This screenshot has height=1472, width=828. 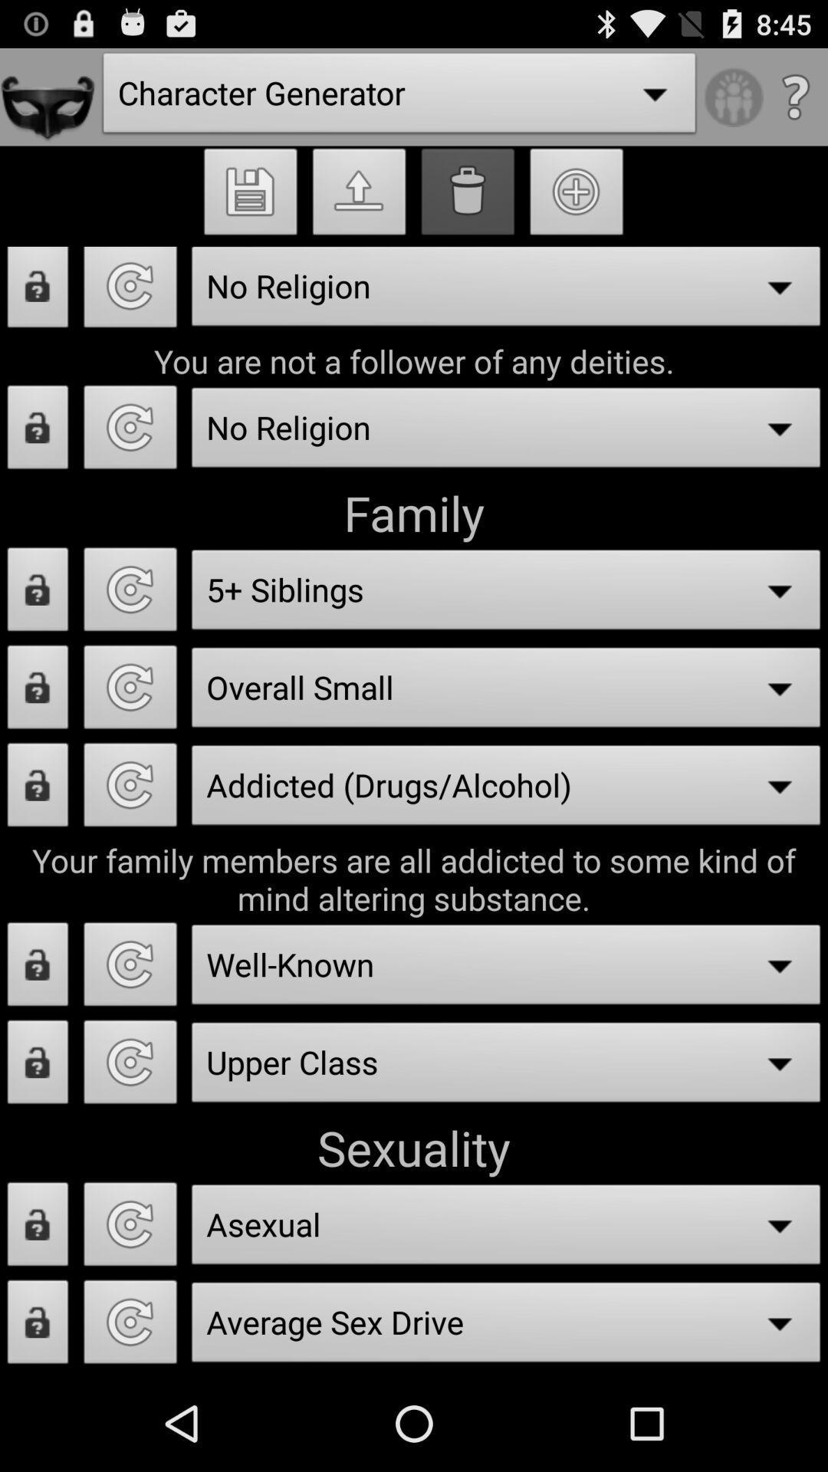 What do you see at coordinates (37, 1141) in the screenshot?
I see `the lock icon` at bounding box center [37, 1141].